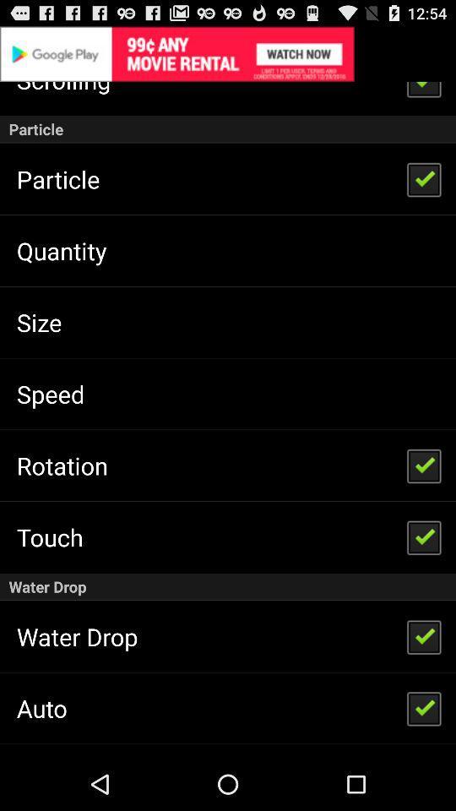 The height and width of the screenshot is (811, 456). Describe the element at coordinates (228, 54) in the screenshot. I see `advertisement` at that location.